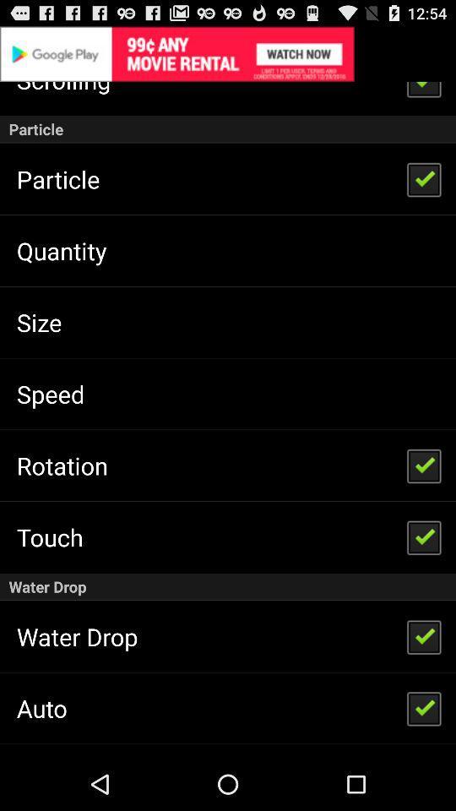 The height and width of the screenshot is (811, 456). Describe the element at coordinates (228, 54) in the screenshot. I see `advertisement` at that location.